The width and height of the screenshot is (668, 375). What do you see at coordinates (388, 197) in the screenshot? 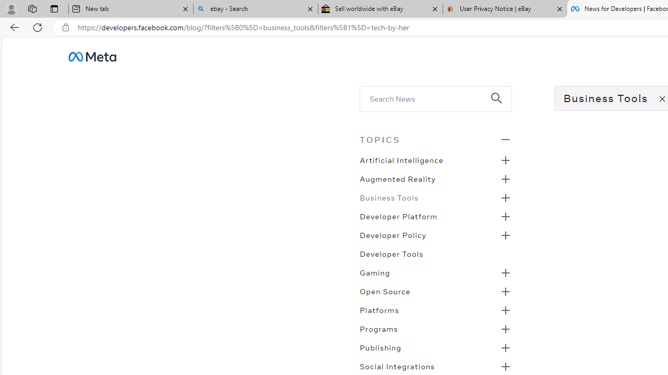
I see `'Business Tools'` at bounding box center [388, 197].